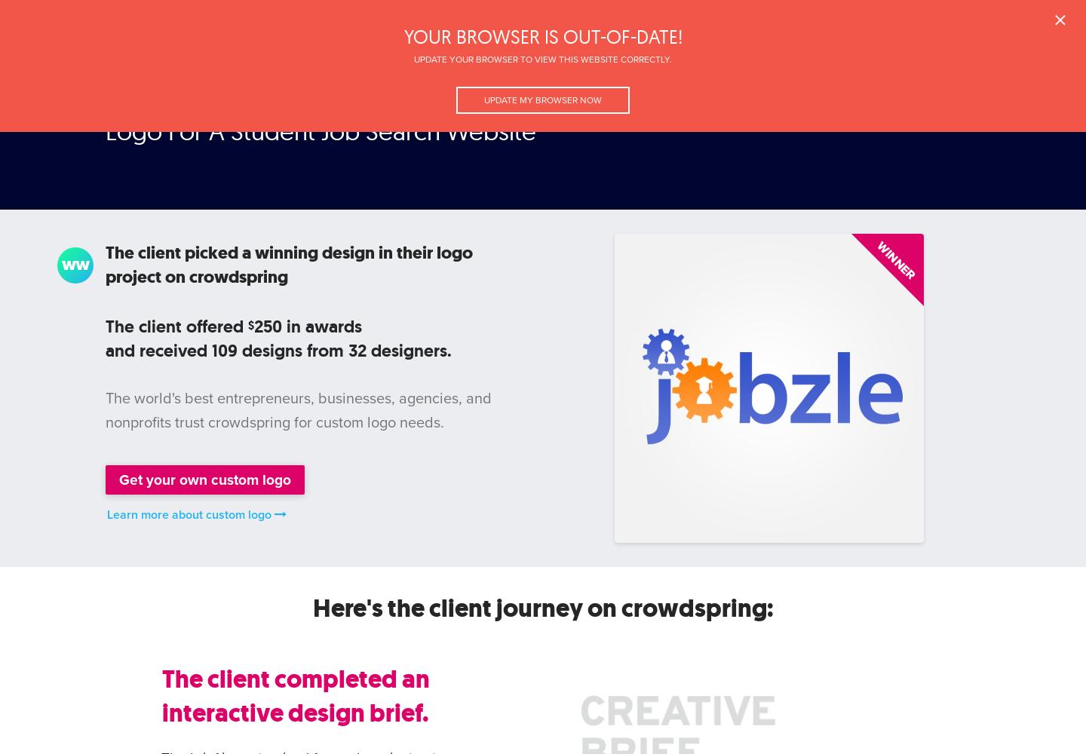  Describe the element at coordinates (146, 326) in the screenshot. I see `'The client'` at that location.